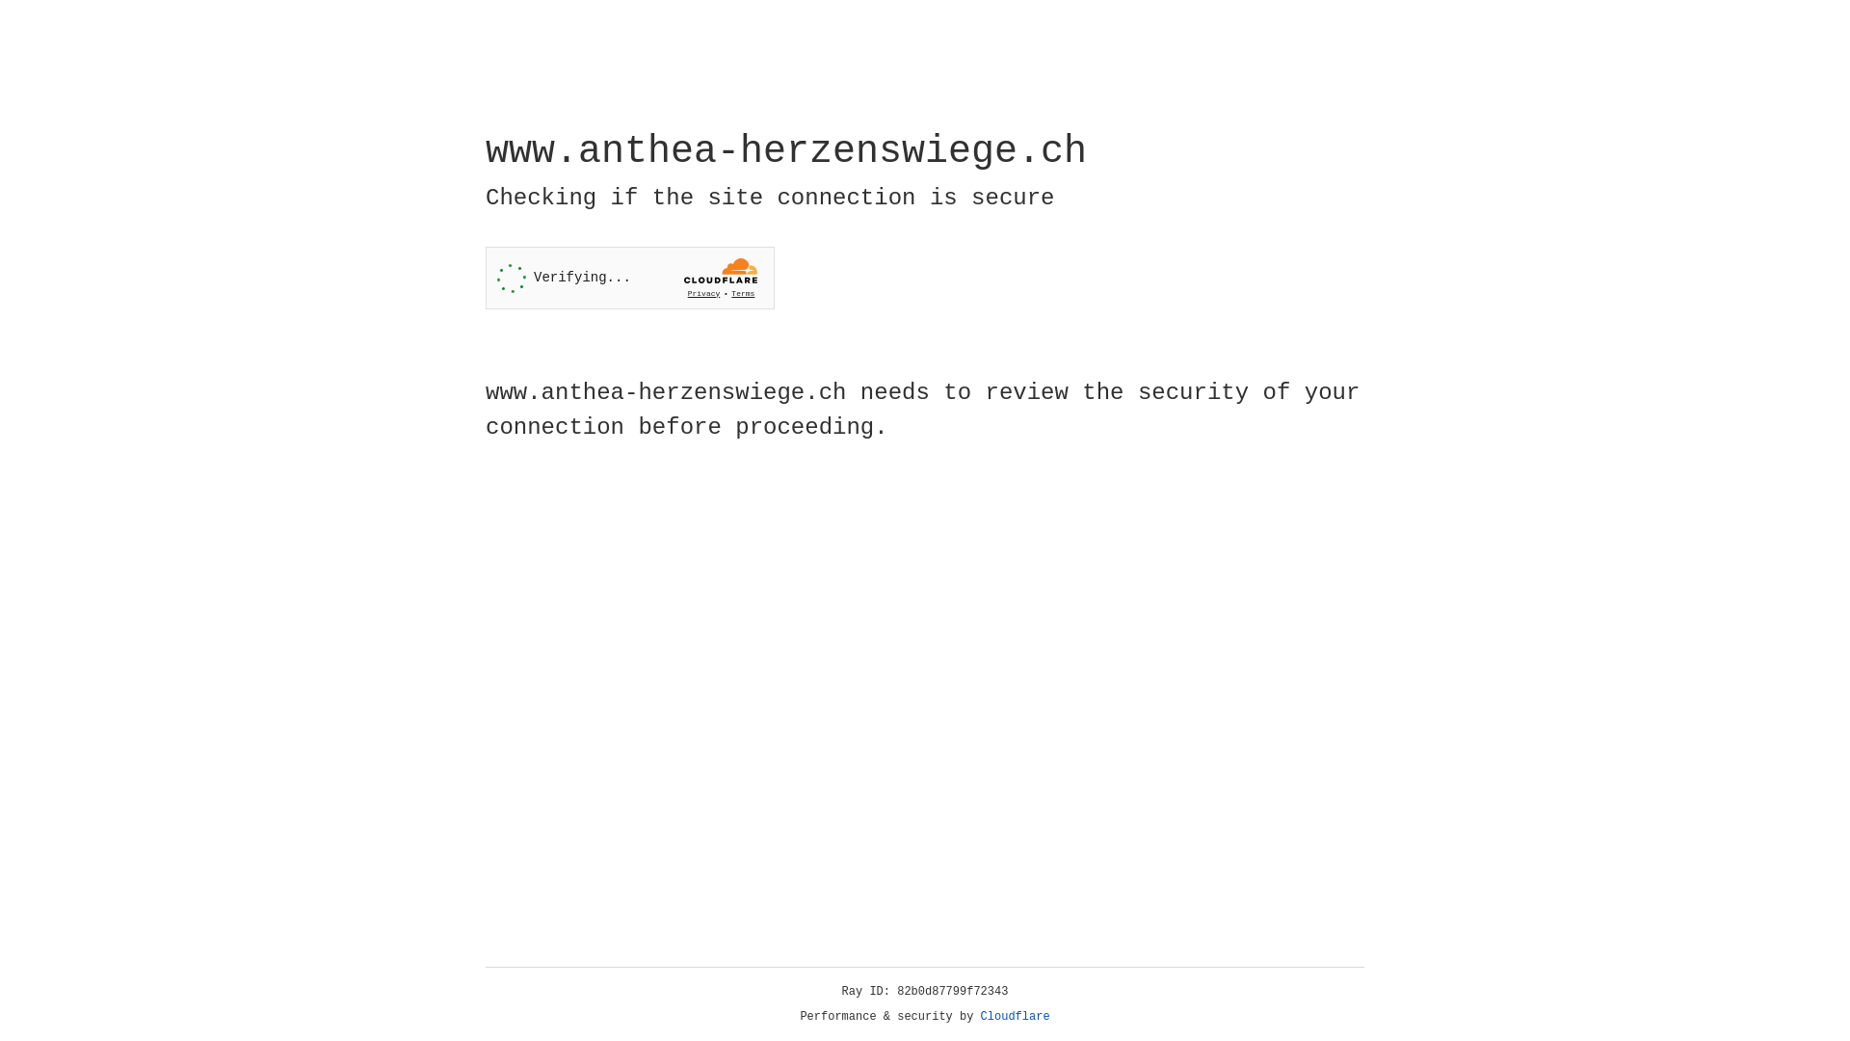 The height and width of the screenshot is (1041, 1850). Describe the element at coordinates (1015, 1016) in the screenshot. I see `'Cloudflare'` at that location.